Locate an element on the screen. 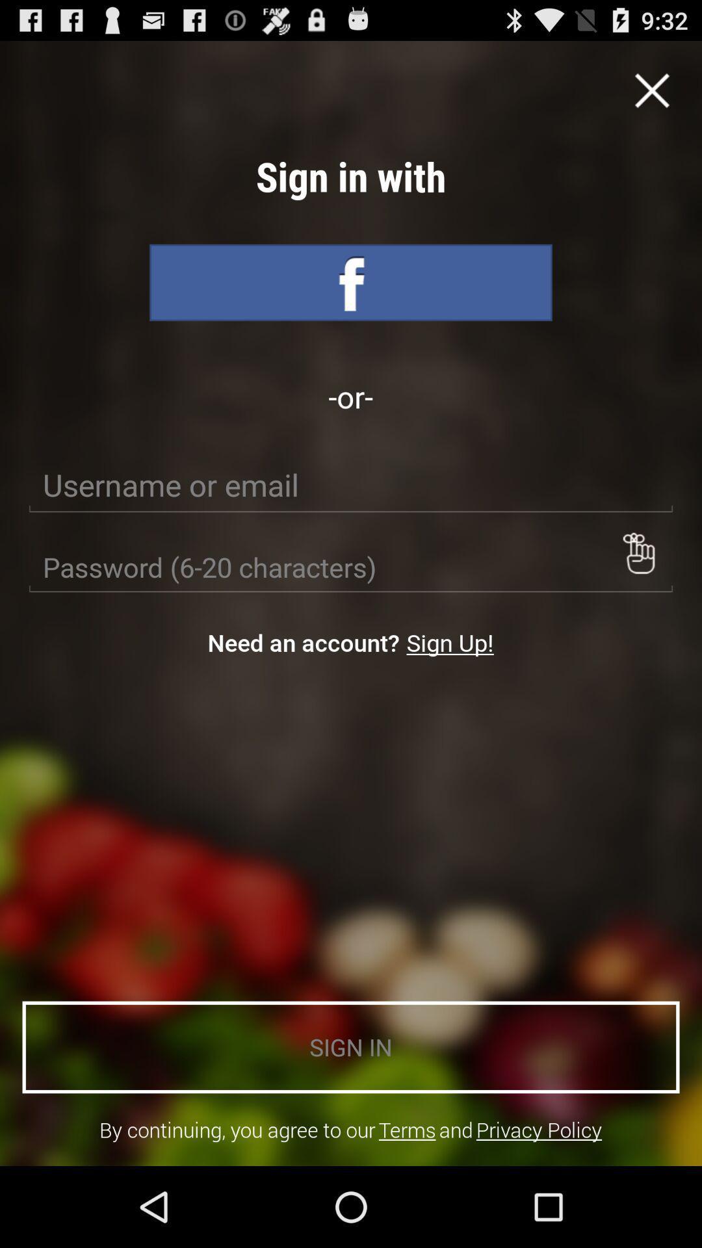 The height and width of the screenshot is (1248, 702). use facebook for signin is located at coordinates (351, 282).